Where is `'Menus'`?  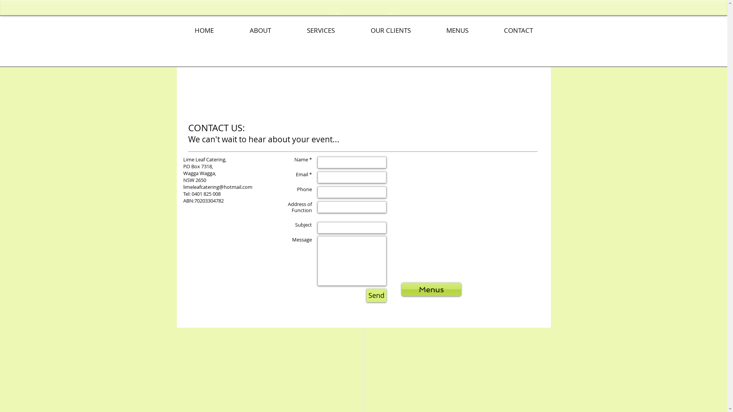 'Menus' is located at coordinates (431, 289).